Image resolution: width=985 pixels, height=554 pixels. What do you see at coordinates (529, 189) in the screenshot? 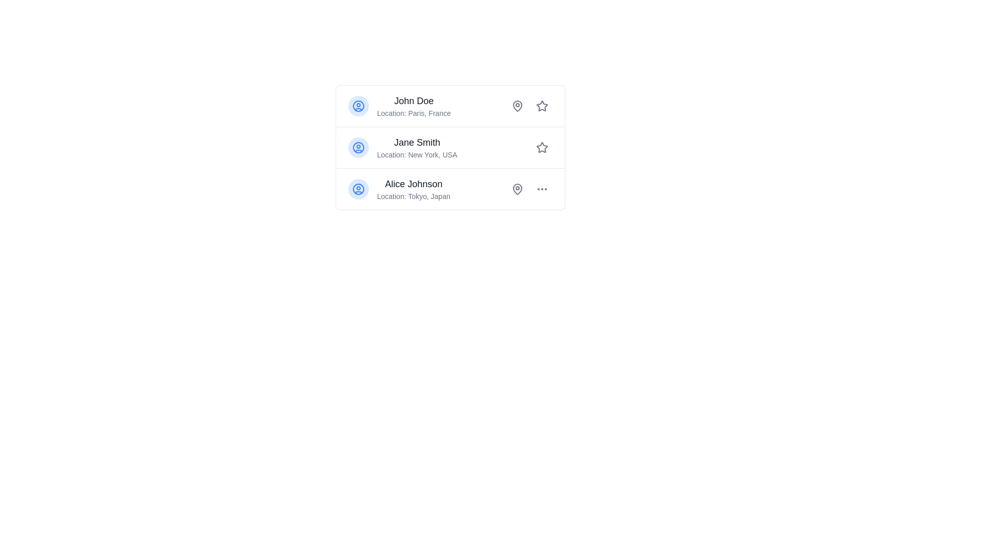
I see `the compound element associated with user 'Alice Johnson'` at bounding box center [529, 189].